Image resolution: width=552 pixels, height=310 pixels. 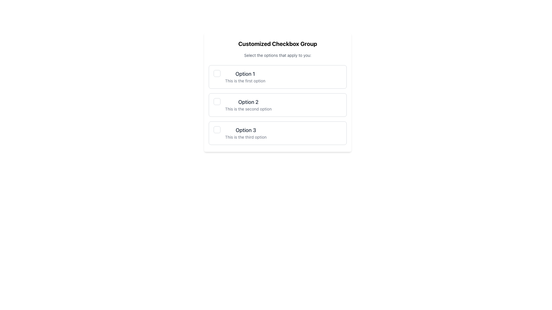 What do you see at coordinates (216, 73) in the screenshot?
I see `the checkbox associated with 'Option 1'` at bounding box center [216, 73].